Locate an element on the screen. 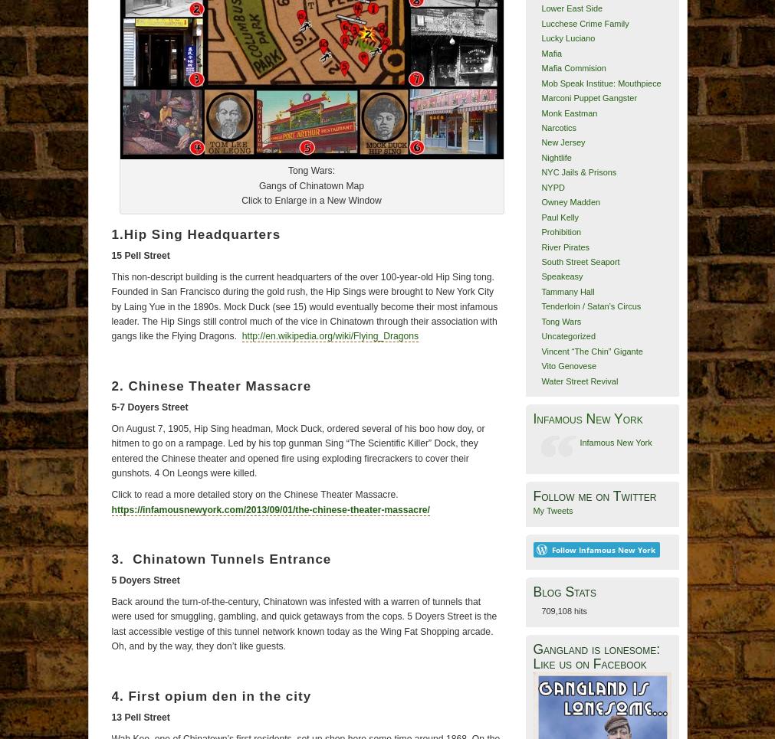 The height and width of the screenshot is (739, 775). 'Speakeasy' is located at coordinates (560, 276).